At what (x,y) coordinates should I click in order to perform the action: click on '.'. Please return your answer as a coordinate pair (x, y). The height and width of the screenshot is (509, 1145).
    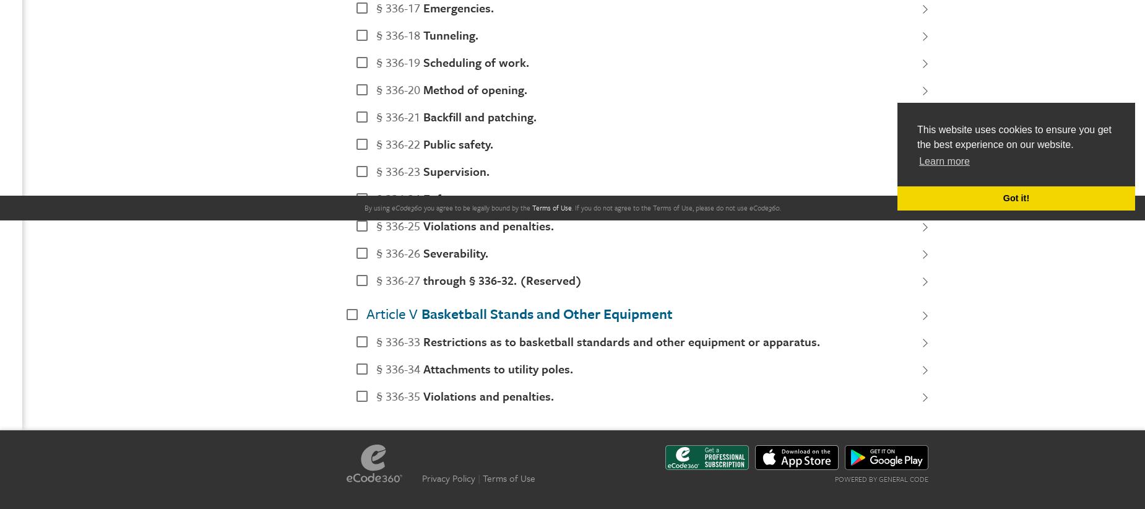
    Looking at the image, I should click on (572, 207).